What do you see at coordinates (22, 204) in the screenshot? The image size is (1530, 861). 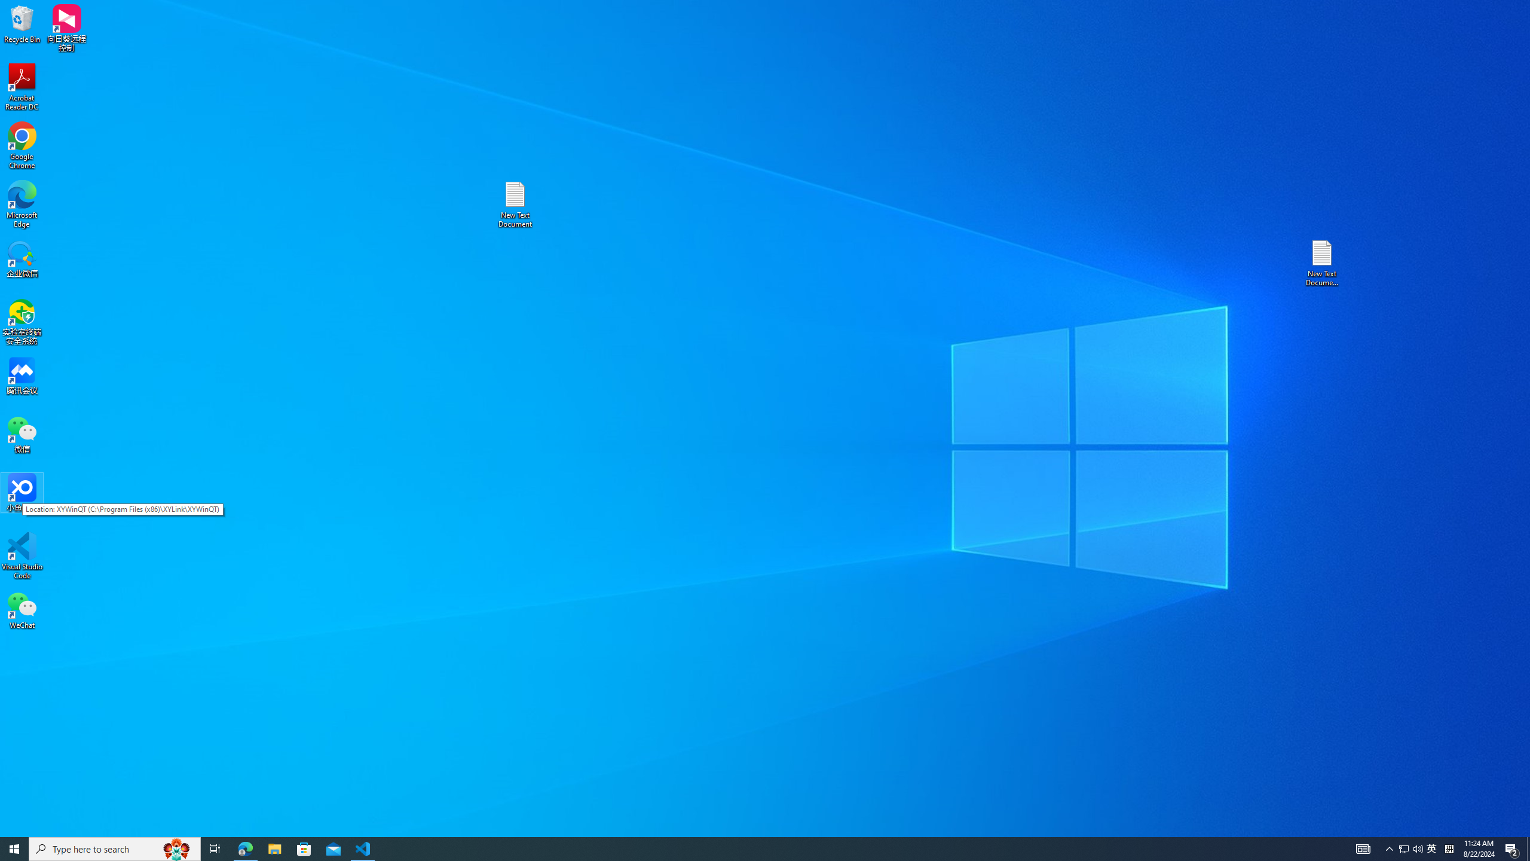 I see `'Microsoft Edge'` at bounding box center [22, 204].